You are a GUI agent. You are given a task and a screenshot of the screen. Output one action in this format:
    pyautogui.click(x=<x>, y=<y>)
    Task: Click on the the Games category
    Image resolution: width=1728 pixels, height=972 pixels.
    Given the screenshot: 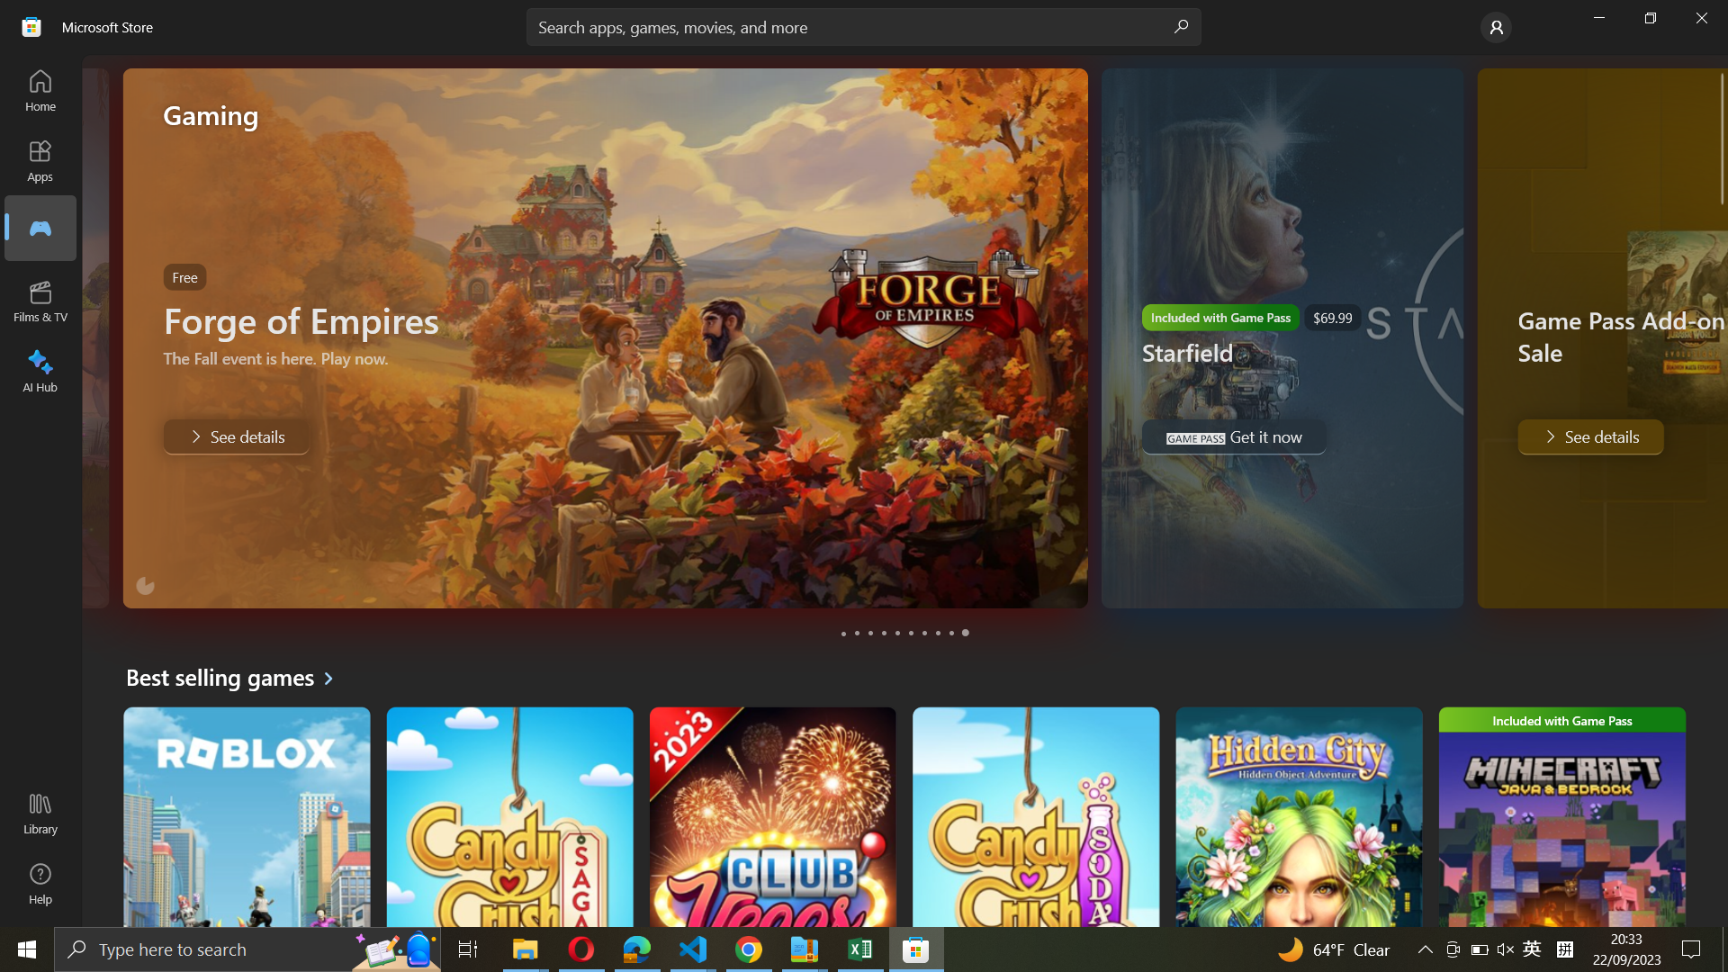 What is the action you would take?
    pyautogui.click(x=39, y=227)
    